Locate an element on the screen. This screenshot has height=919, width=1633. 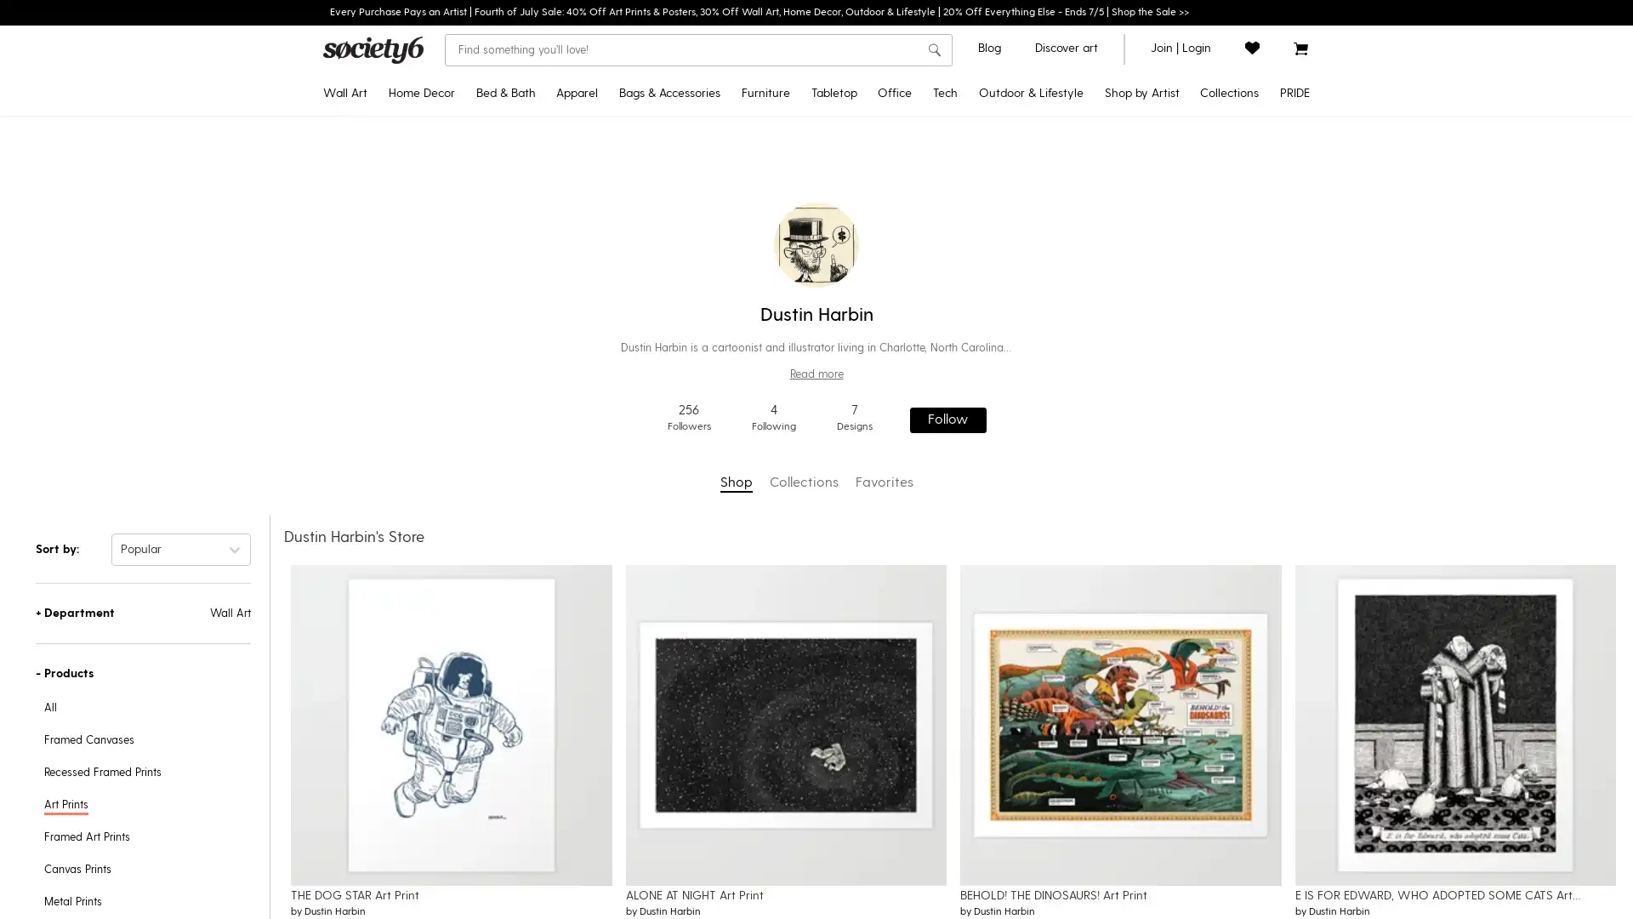
Fanny Packs is located at coordinates (681, 272).